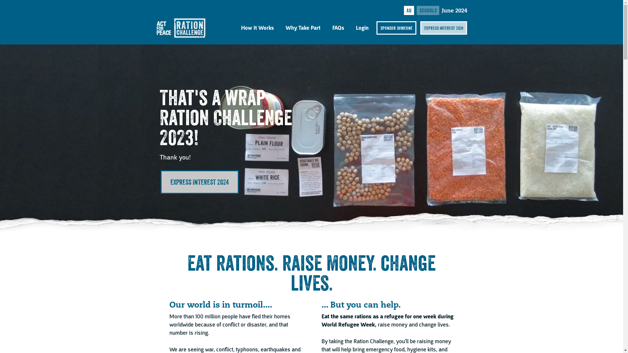 The width and height of the screenshot is (628, 353). Describe the element at coordinates (303, 27) in the screenshot. I see `'Why Take Part'` at that location.